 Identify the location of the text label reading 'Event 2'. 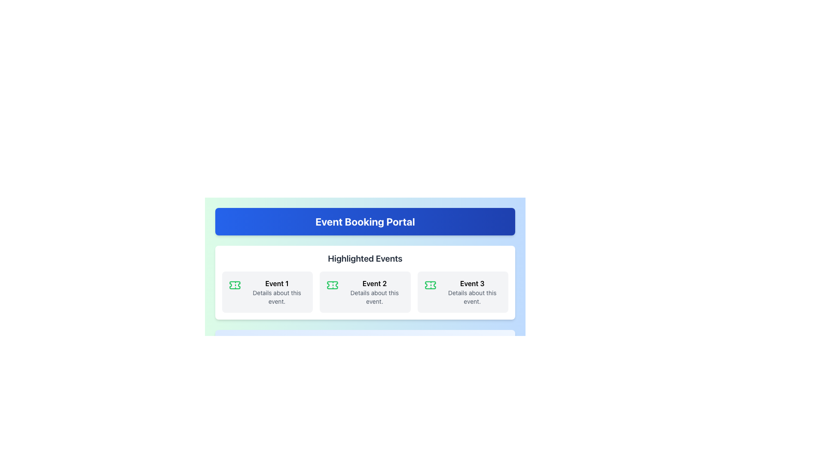
(374, 283).